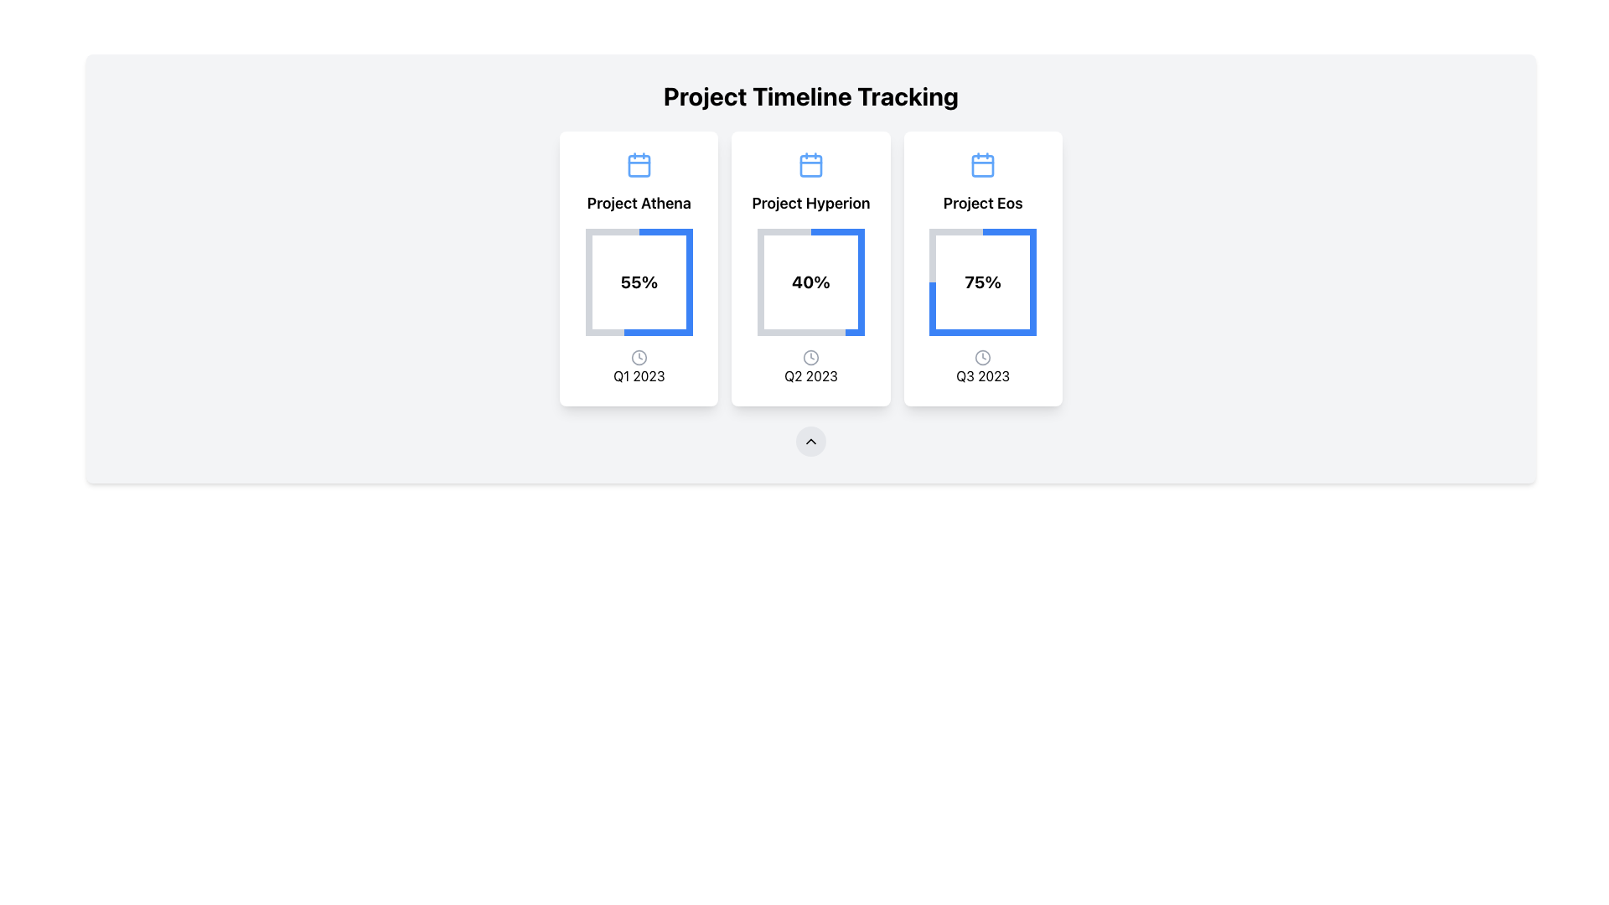 This screenshot has height=905, width=1609. What do you see at coordinates (811, 441) in the screenshot?
I see `the scroll up button located below the project blocks 'Project Athena', 'Project Hyperion', and 'Project Eos'` at bounding box center [811, 441].